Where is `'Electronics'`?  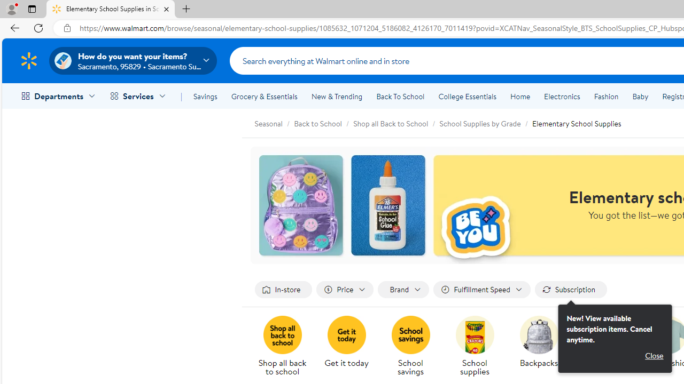
'Electronics' is located at coordinates (561, 97).